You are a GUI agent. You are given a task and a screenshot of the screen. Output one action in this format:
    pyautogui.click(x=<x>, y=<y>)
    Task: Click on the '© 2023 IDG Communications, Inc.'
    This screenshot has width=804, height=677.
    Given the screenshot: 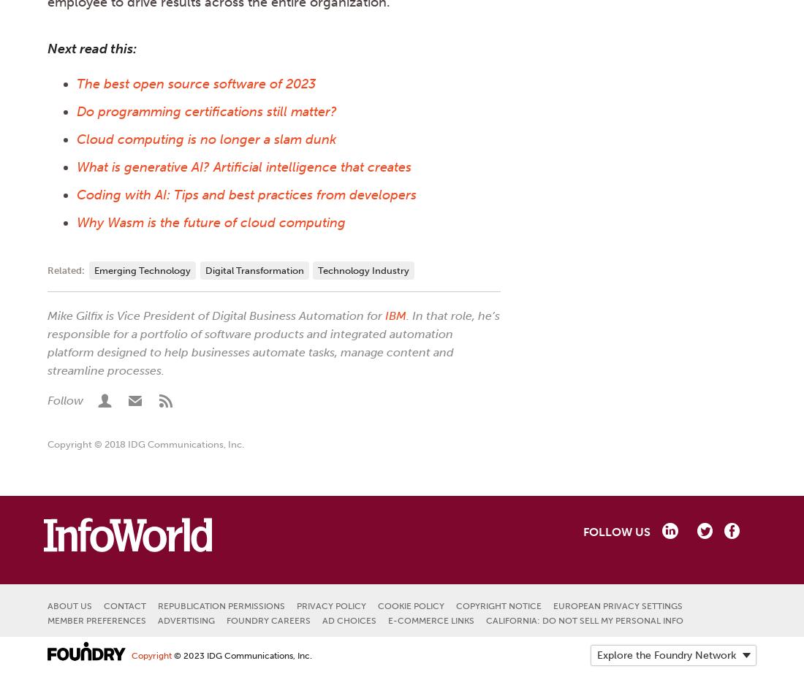 What is the action you would take?
    pyautogui.click(x=240, y=655)
    